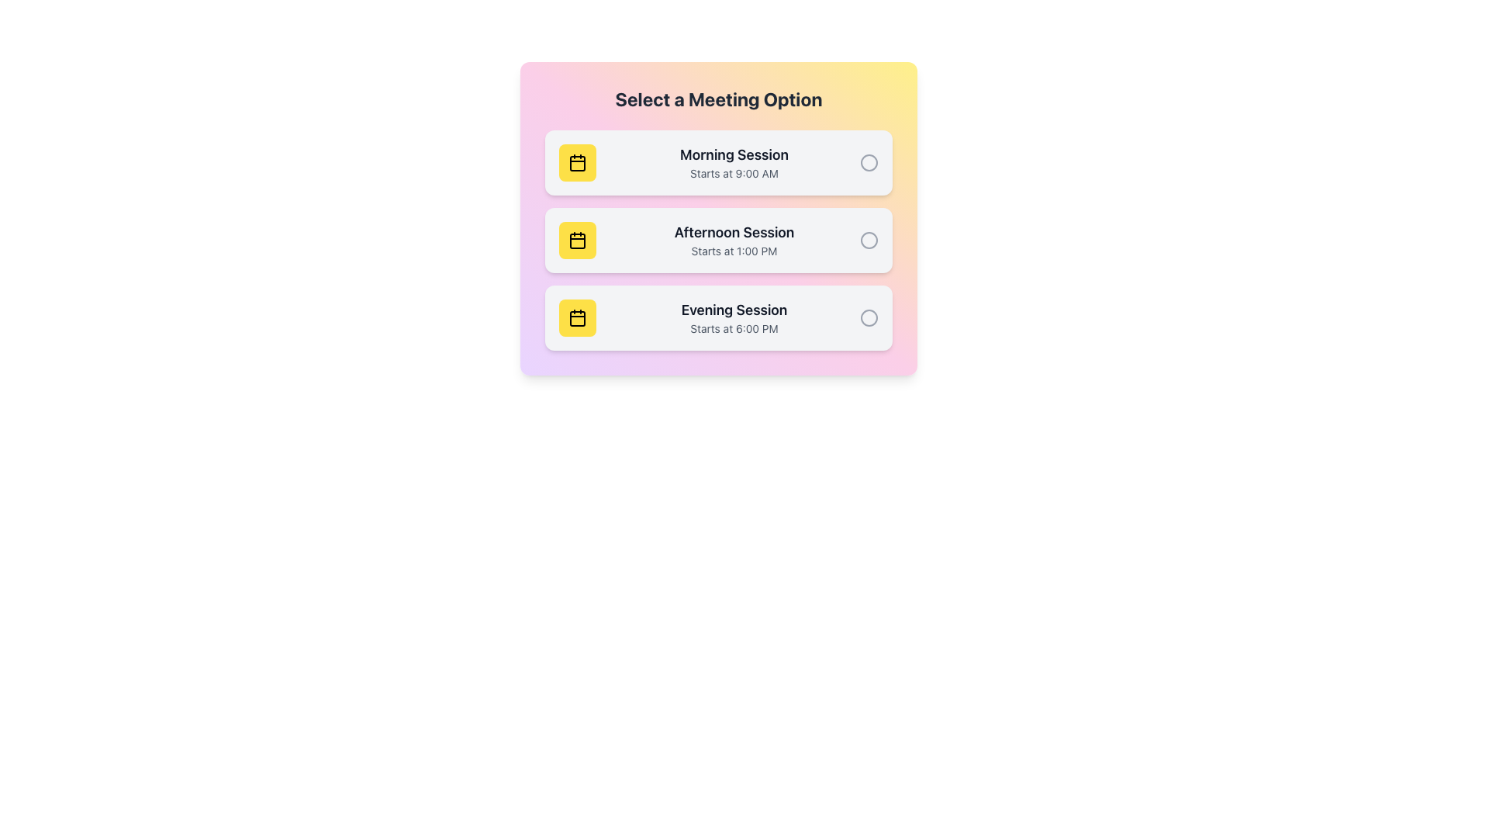 The width and height of the screenshot is (1489, 838). Describe the element at coordinates (869, 162) in the screenshot. I see `the radio button located to the far right of the 'Morning Session' option` at that location.